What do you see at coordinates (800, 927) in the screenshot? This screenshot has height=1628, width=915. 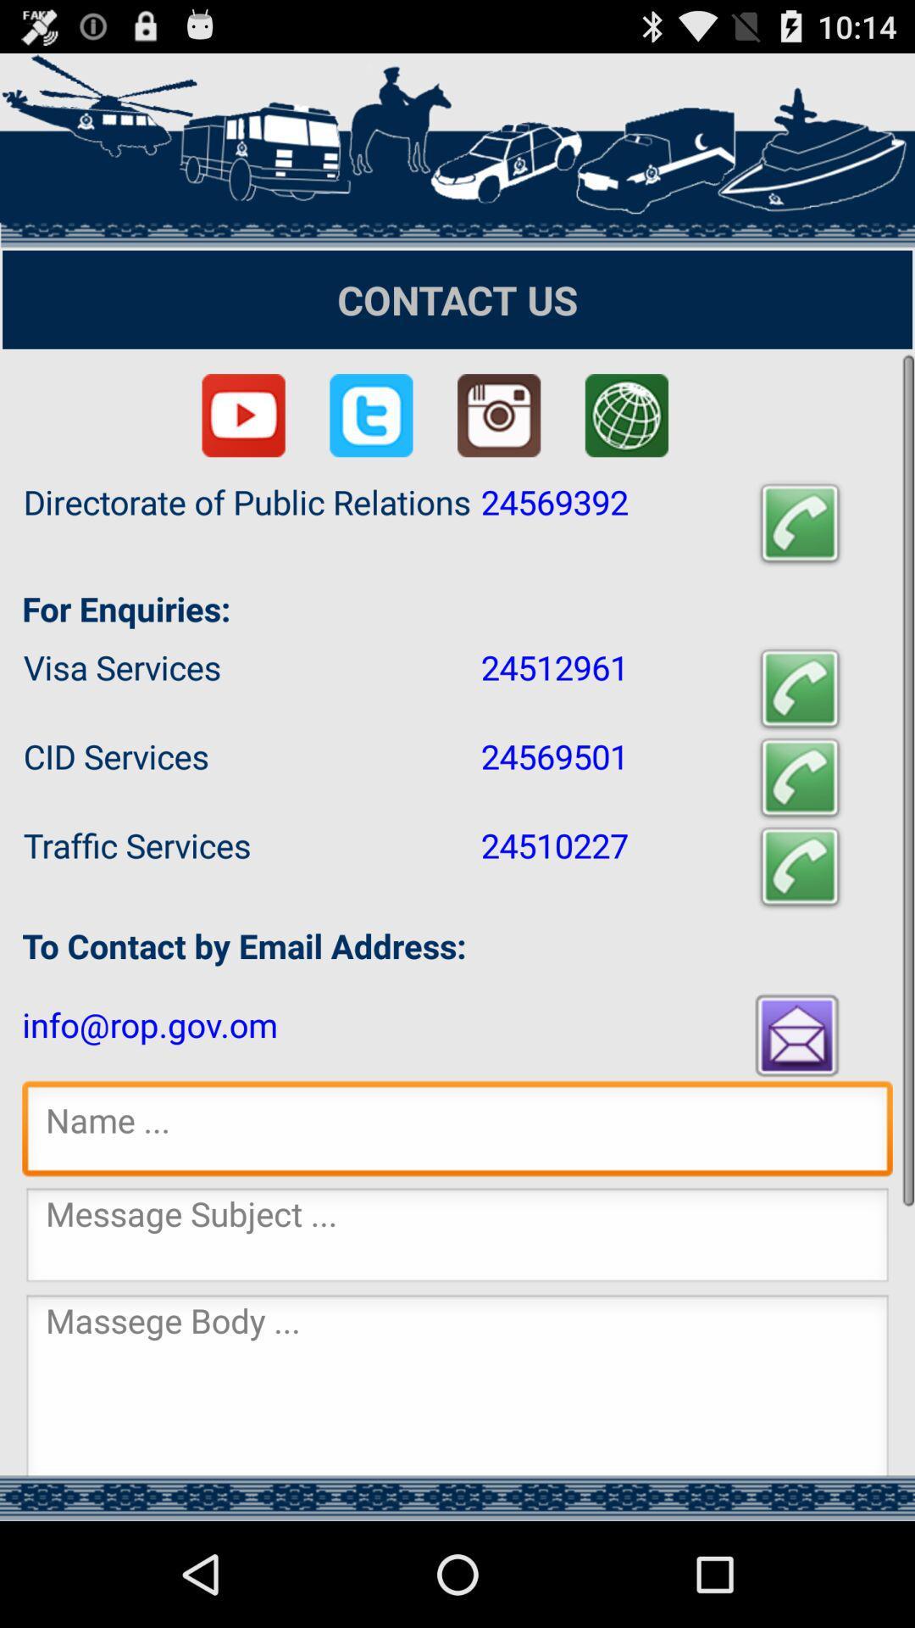 I see `the call icon` at bounding box center [800, 927].